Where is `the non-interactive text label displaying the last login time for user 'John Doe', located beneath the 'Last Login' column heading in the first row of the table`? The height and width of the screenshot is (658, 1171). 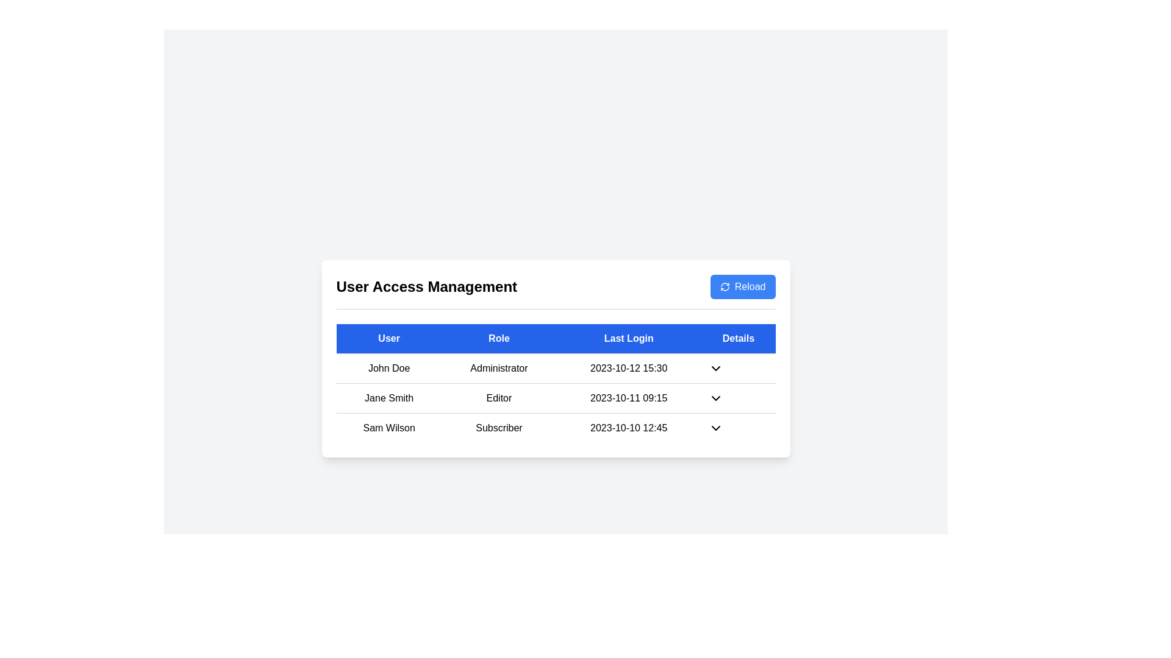 the non-interactive text label displaying the last login time for user 'John Doe', located beneath the 'Last Login' column heading in the first row of the table is located at coordinates (629, 368).